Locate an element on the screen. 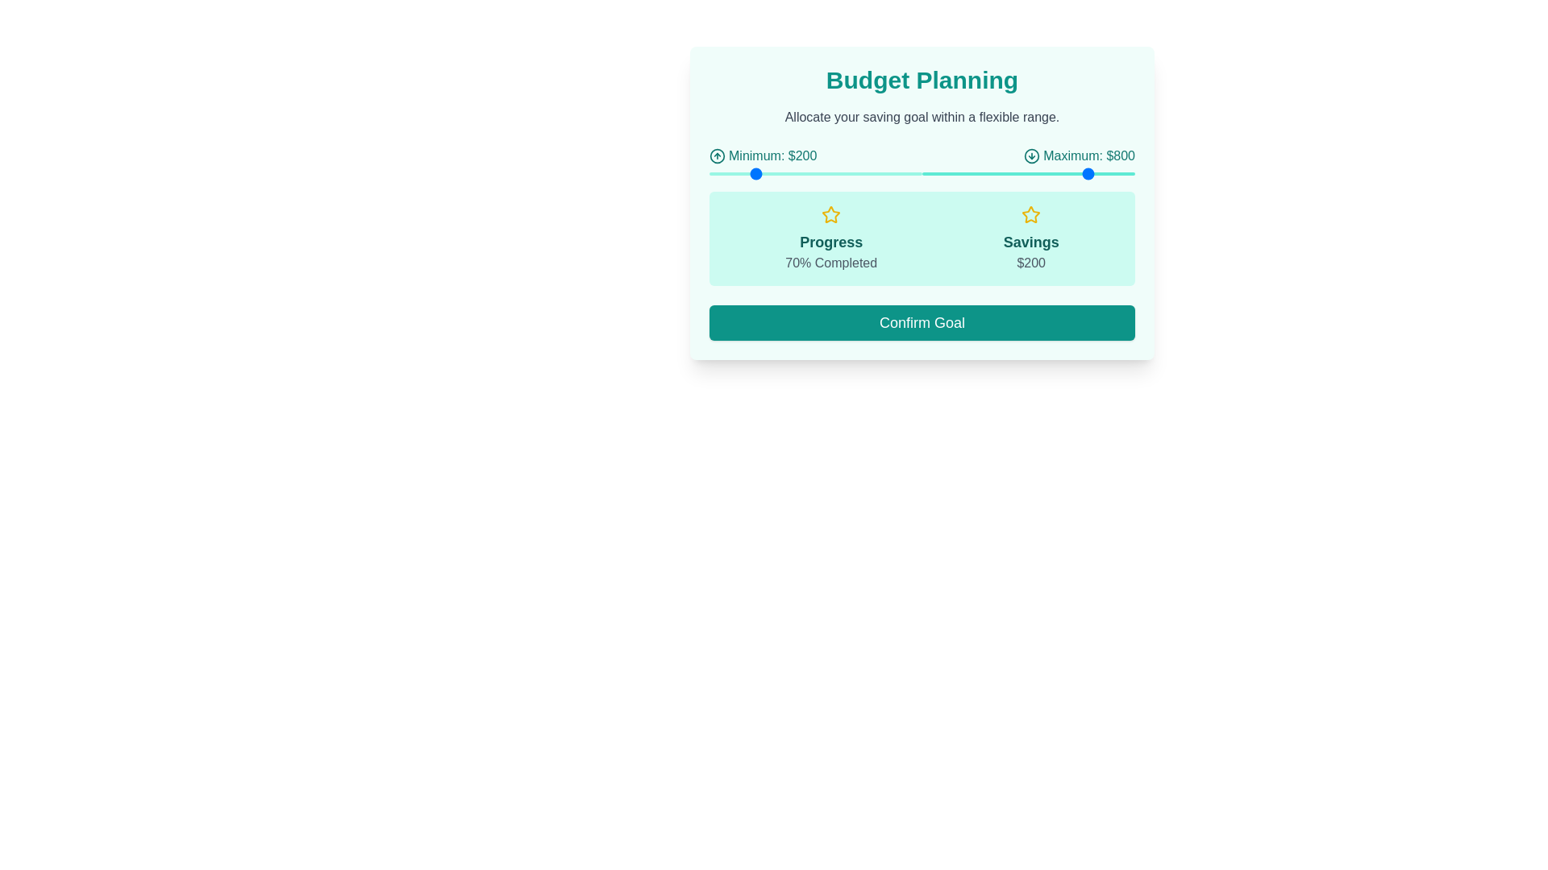 Image resolution: width=1548 pixels, height=870 pixels. the upward-pointing arrow icon enclosed within a circular outline, located to the left of the text 'Minimum: $200', part of the group aligning with the left side of the central progress bar under 'Budget Planning' is located at coordinates (716, 155).